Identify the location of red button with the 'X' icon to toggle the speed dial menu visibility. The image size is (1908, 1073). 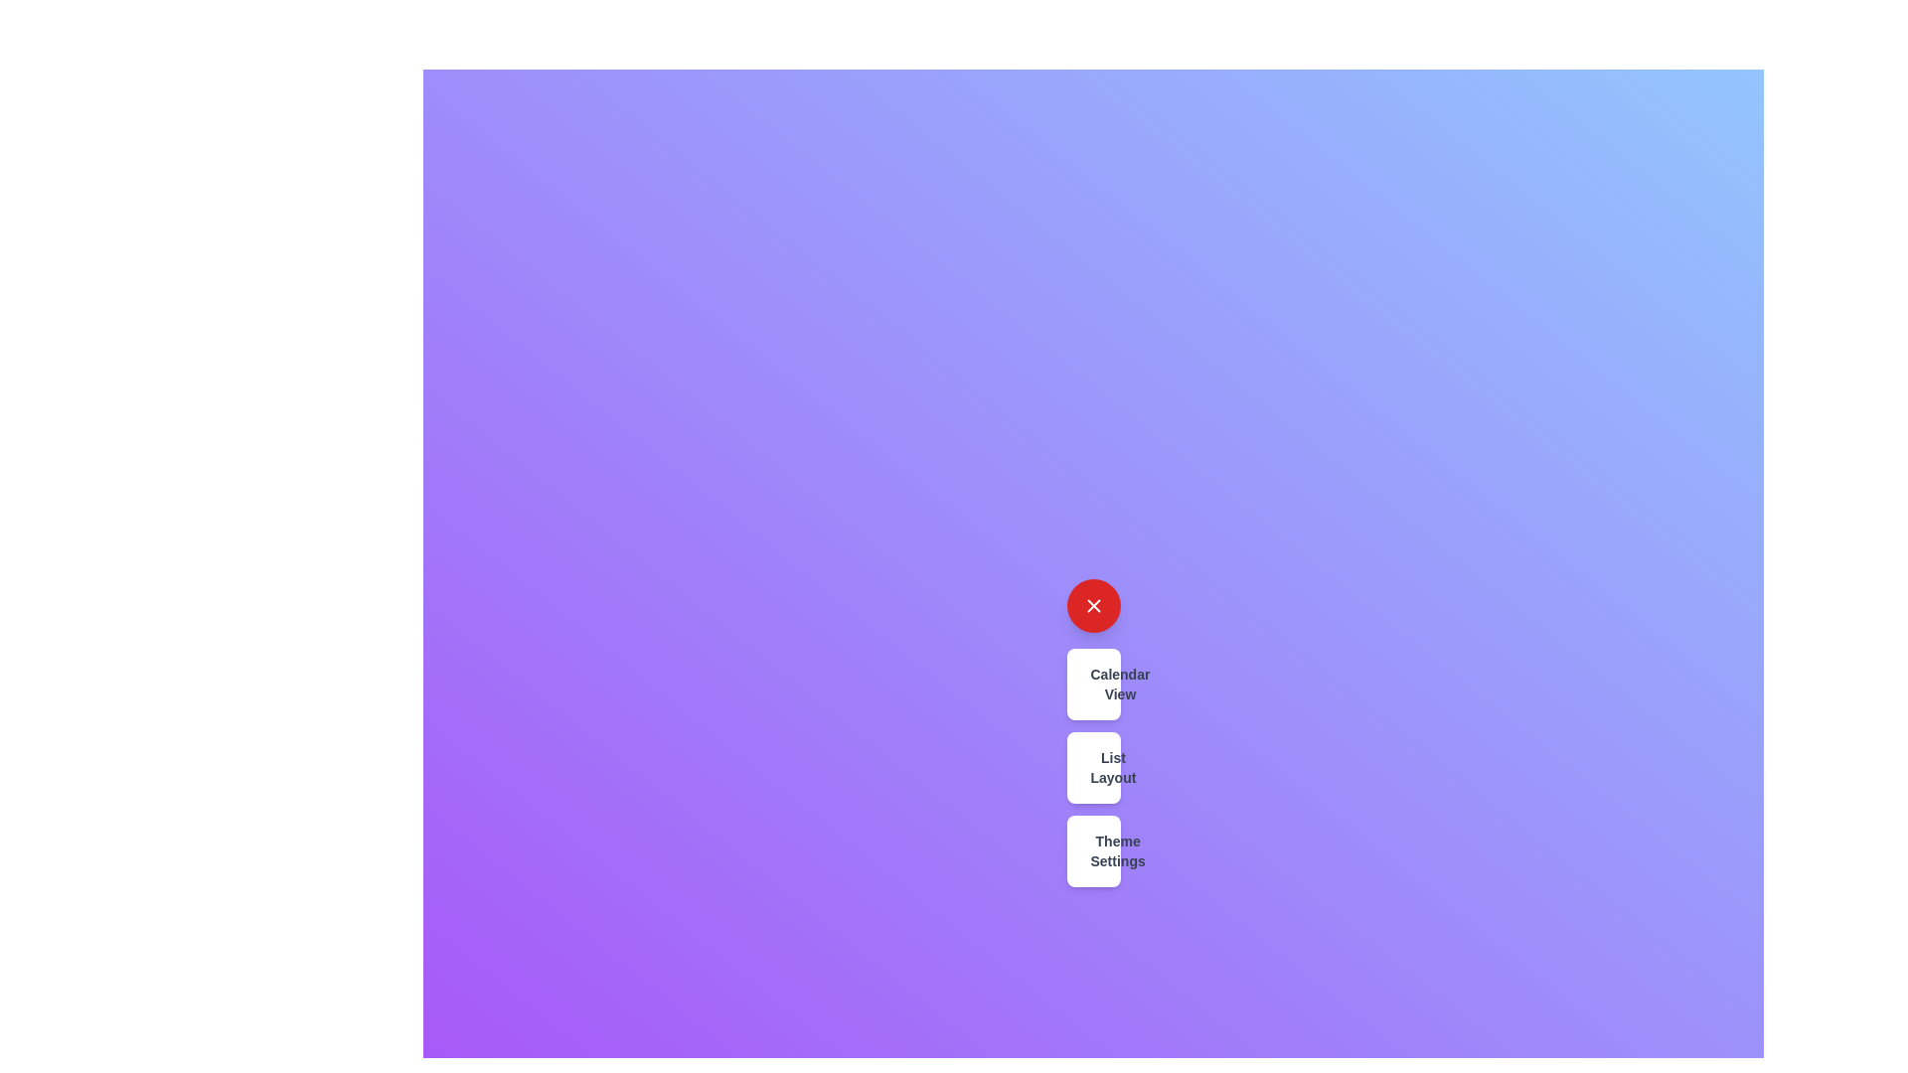
(1092, 604).